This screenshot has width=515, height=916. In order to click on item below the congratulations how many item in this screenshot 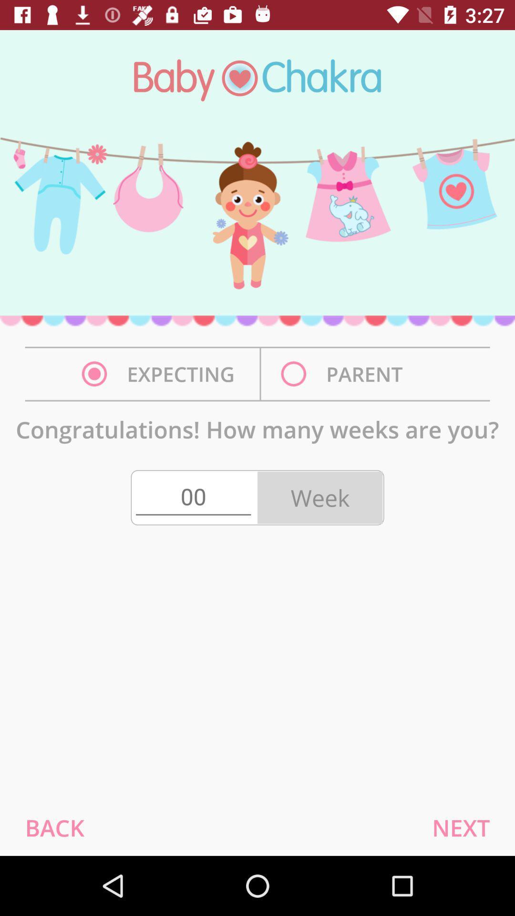, I will do `click(193, 497)`.